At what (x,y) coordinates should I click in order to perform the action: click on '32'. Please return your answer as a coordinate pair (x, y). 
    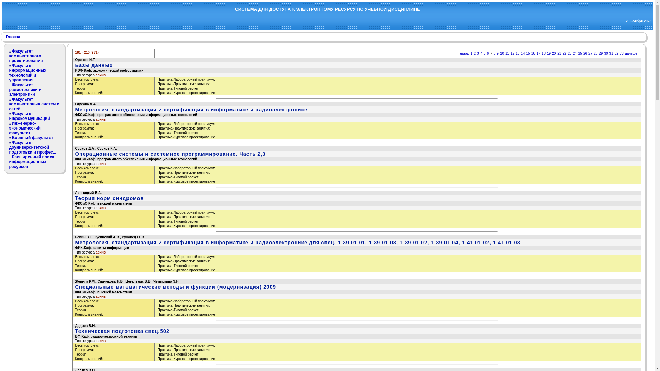
    Looking at the image, I should click on (615, 53).